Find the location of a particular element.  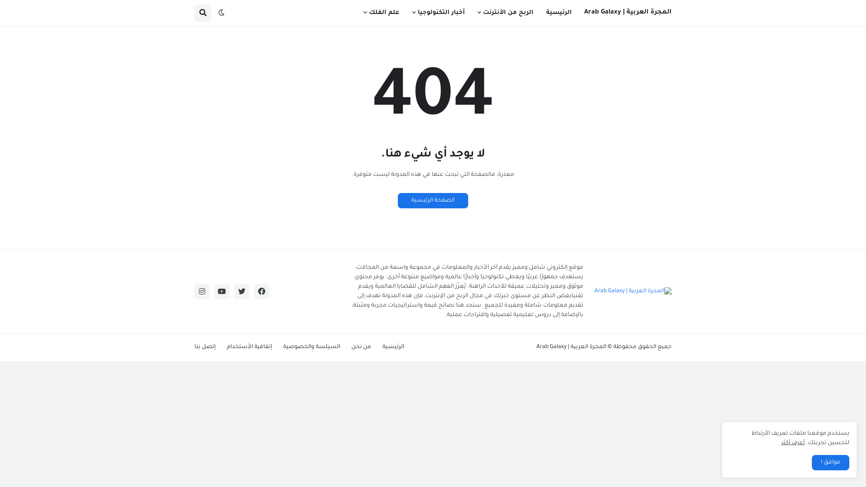

'facebook' is located at coordinates (261, 292).